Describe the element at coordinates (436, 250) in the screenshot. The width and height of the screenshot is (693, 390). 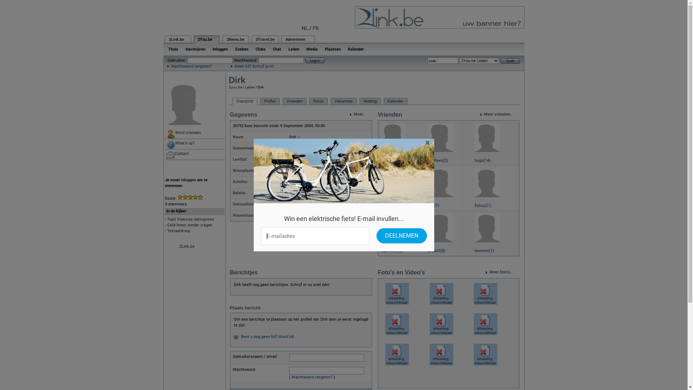
I see `'aliya22(8)'` at that location.